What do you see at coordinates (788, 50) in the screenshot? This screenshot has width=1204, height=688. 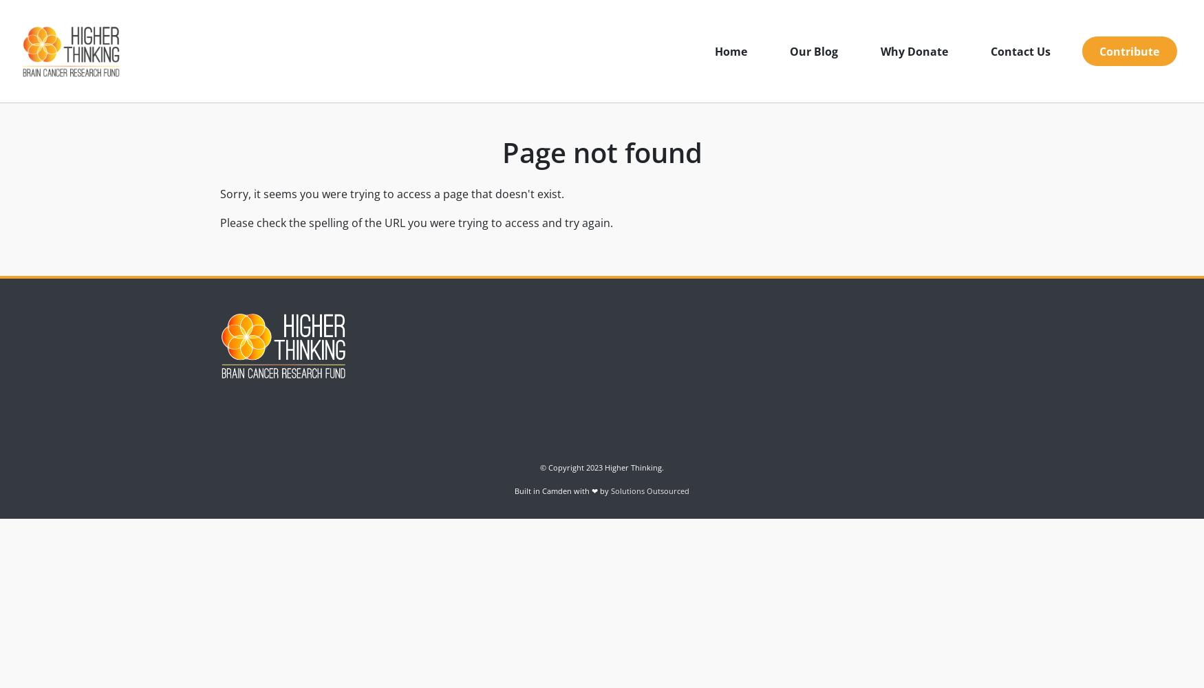 I see `'Our Blog'` at bounding box center [788, 50].